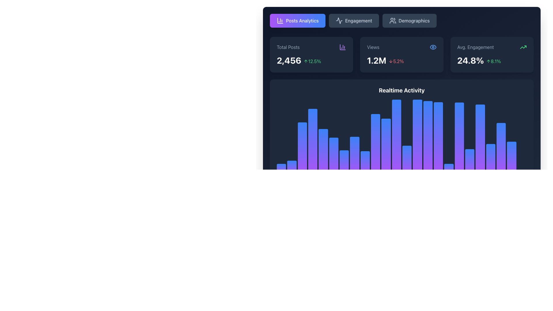  I want to click on the 'Engagement' button located in the top navigation bar, so click(339, 20).